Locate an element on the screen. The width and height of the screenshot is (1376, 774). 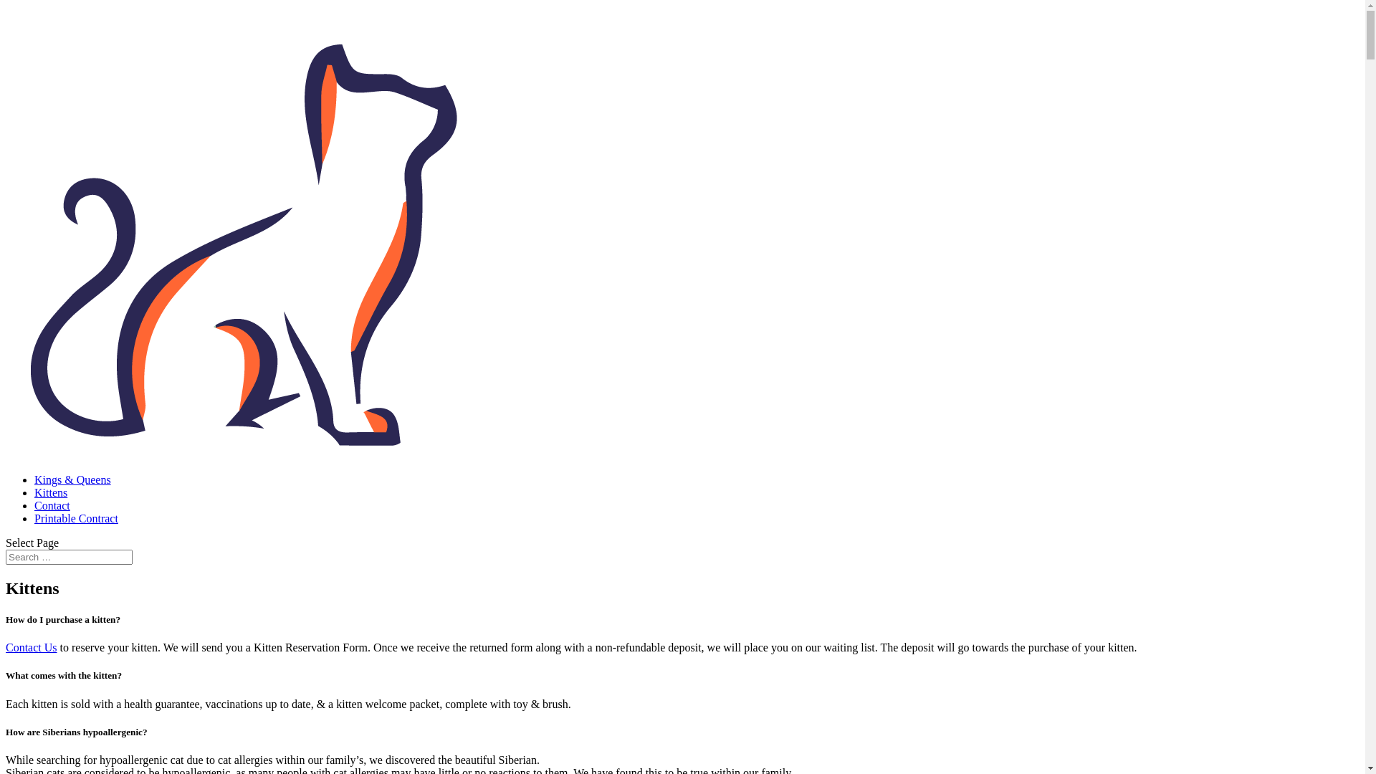
'Kittens' is located at coordinates (34, 492).